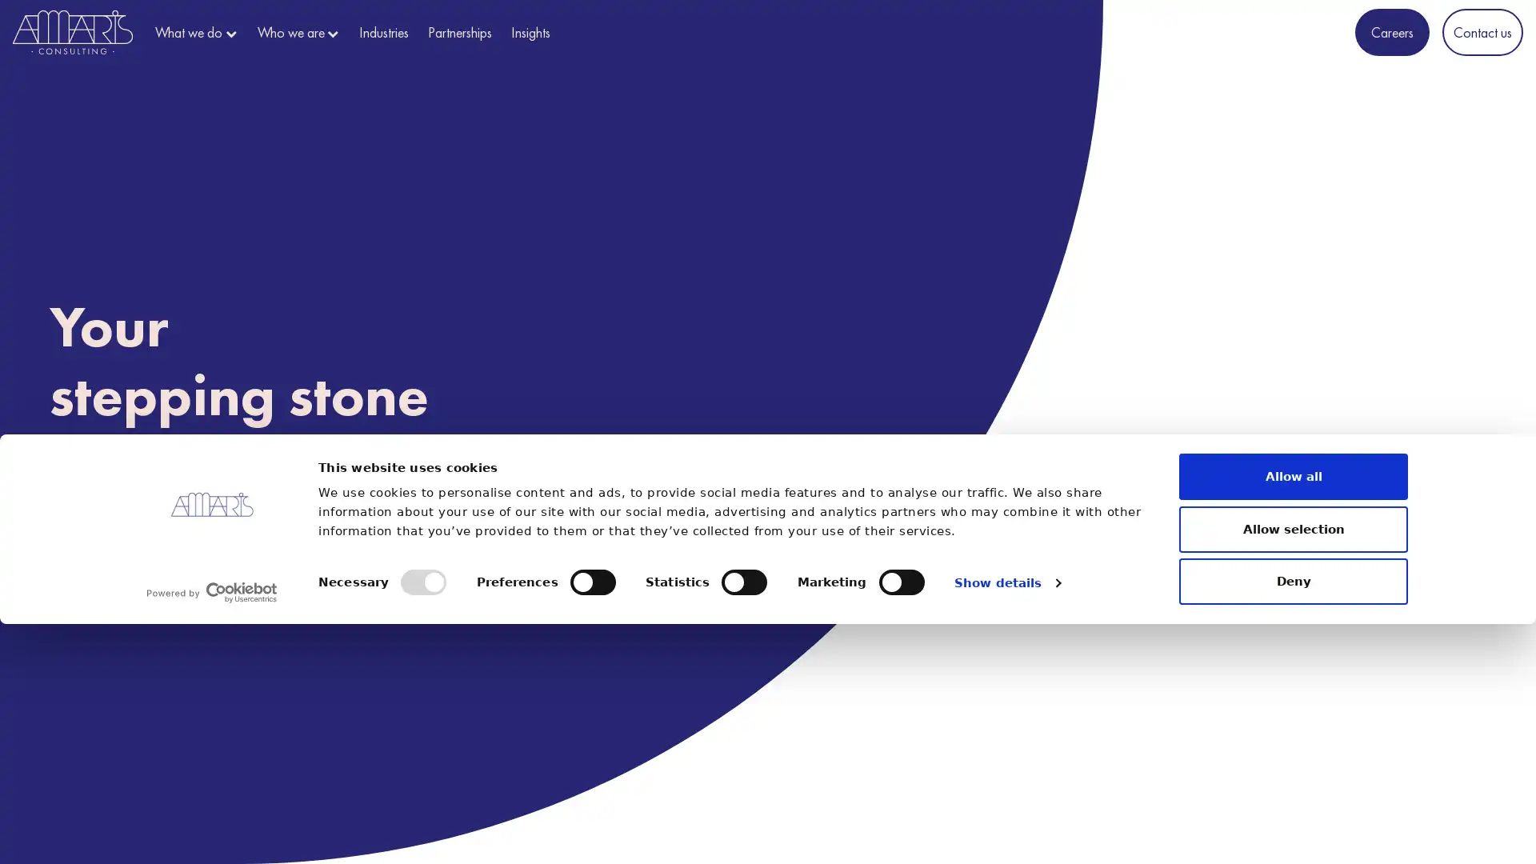  Describe the element at coordinates (1294, 821) in the screenshot. I see `Deny` at that location.